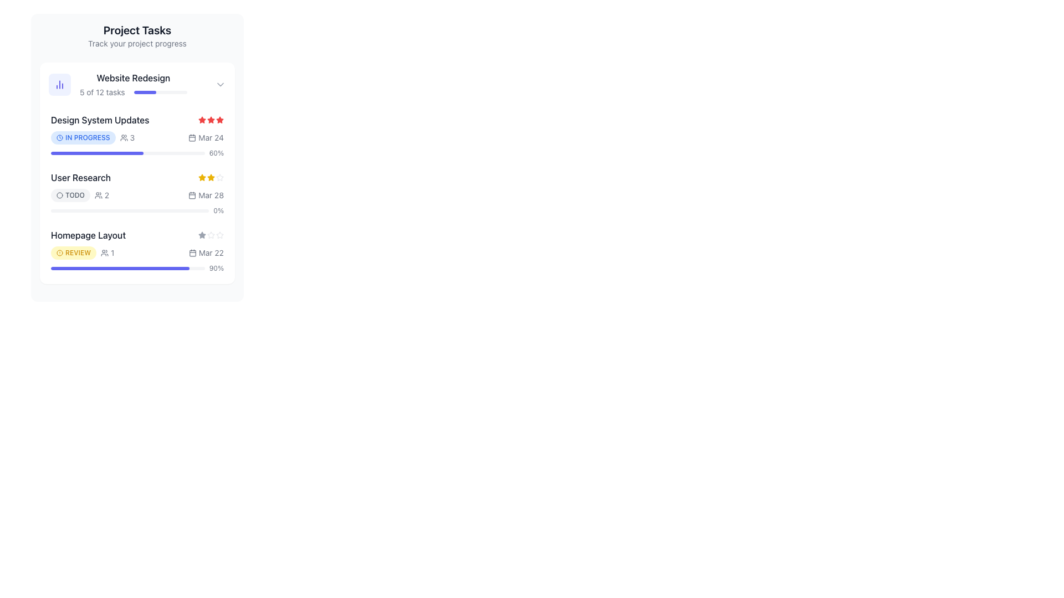 The image size is (1064, 598). What do you see at coordinates (83, 137) in the screenshot?
I see `text of the Status label that displays 'IN PROGRESS' with a blue background, located in the 'Design System Updates' section near a clock icon` at bounding box center [83, 137].